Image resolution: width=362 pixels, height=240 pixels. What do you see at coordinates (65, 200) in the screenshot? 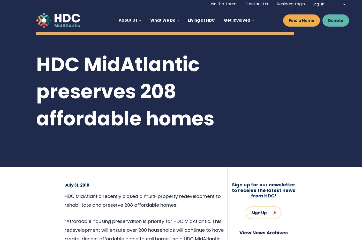
I see `'HDC MidAtlantic recently closed a multi-property redevelopment to rehabilitate and preserve 208 affordable homes.'` at bounding box center [65, 200].